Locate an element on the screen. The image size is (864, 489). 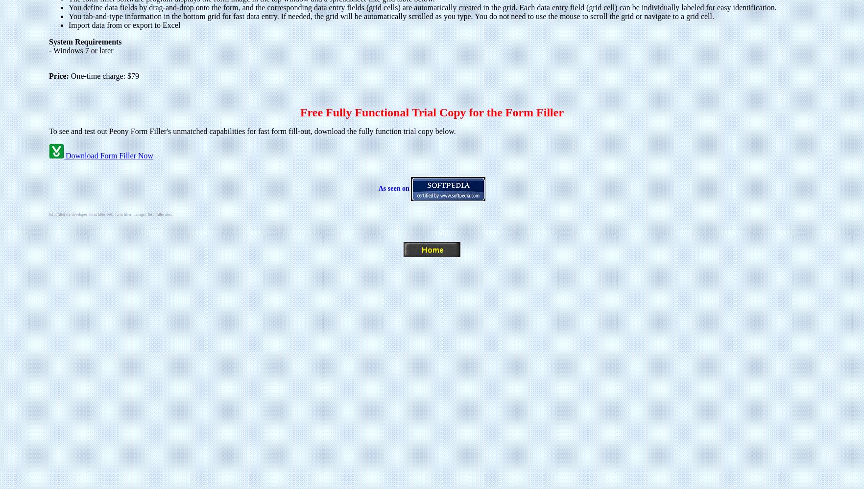
'Price:' is located at coordinates (49, 76).